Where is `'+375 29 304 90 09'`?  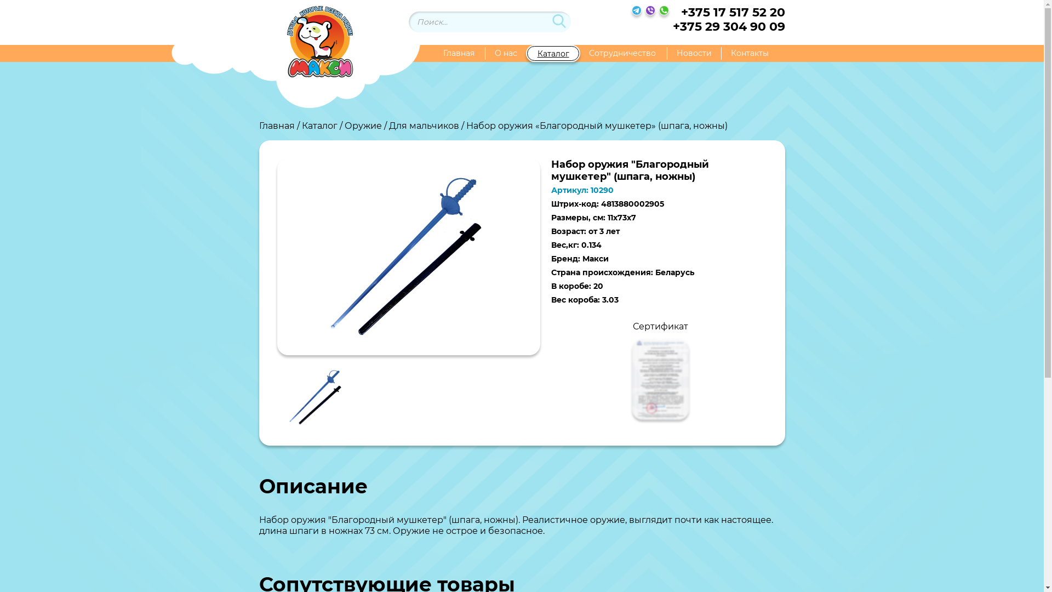 '+375 29 304 90 09' is located at coordinates (729, 26).